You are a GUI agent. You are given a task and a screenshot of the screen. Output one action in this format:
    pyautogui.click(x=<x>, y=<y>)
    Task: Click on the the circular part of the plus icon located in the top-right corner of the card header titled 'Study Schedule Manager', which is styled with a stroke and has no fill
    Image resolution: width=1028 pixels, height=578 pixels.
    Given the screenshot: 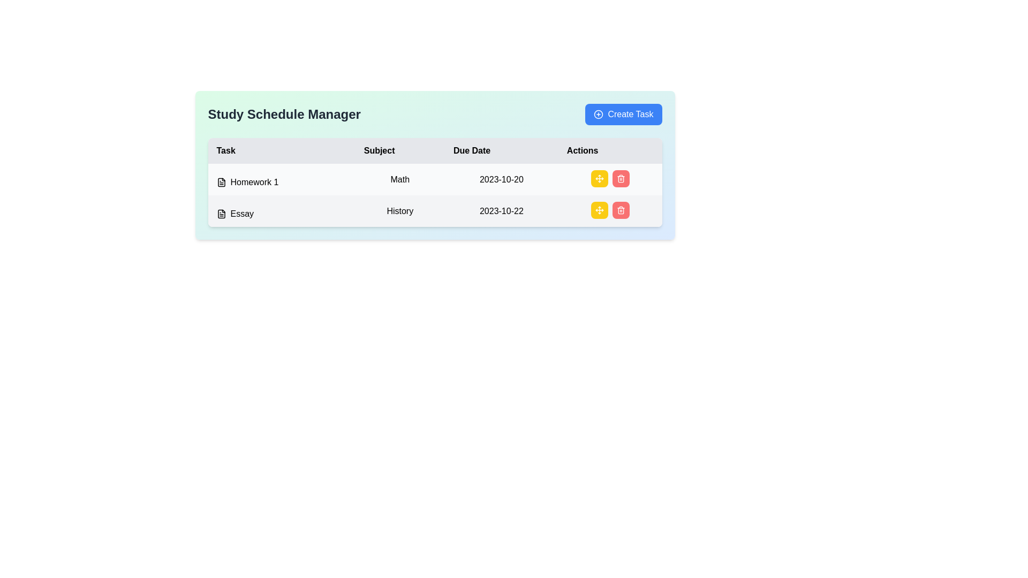 What is the action you would take?
    pyautogui.click(x=598, y=114)
    